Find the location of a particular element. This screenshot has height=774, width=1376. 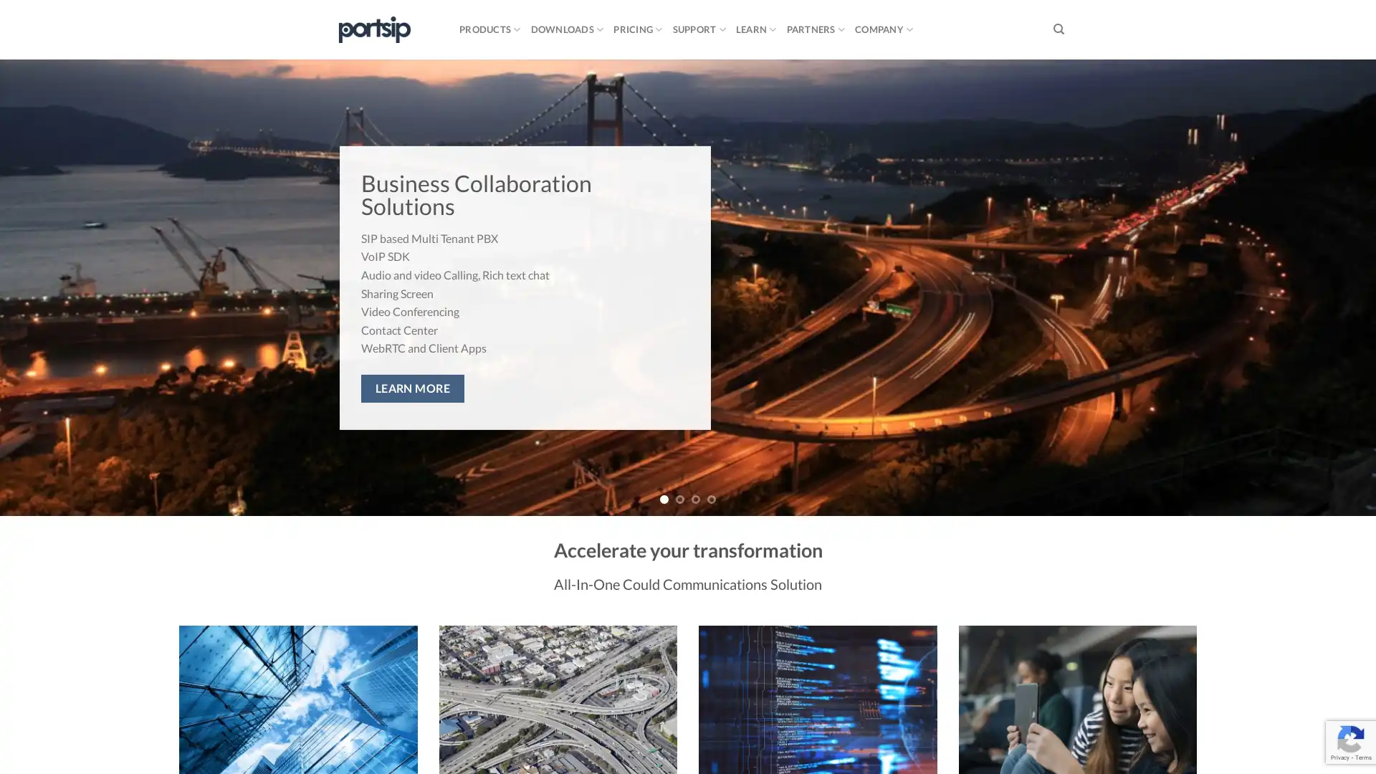

Next is located at coordinates (1329, 287).